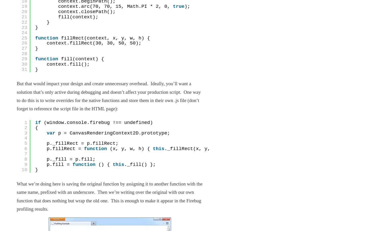 This screenshot has width=365, height=231. Describe the element at coordinates (24, 138) in the screenshot. I see `'4'` at that location.